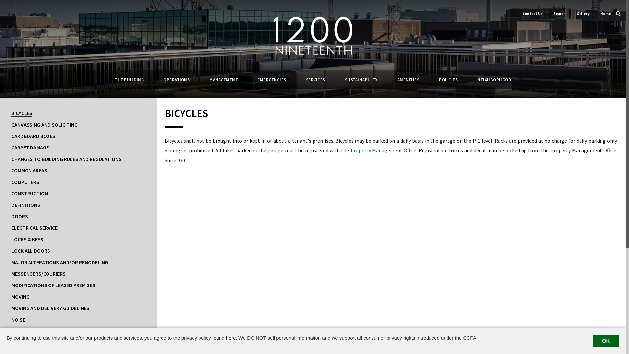 The width and height of the screenshot is (629, 354). What do you see at coordinates (361, 79) in the screenshot?
I see `'SUSTAINABILITY'` at bounding box center [361, 79].